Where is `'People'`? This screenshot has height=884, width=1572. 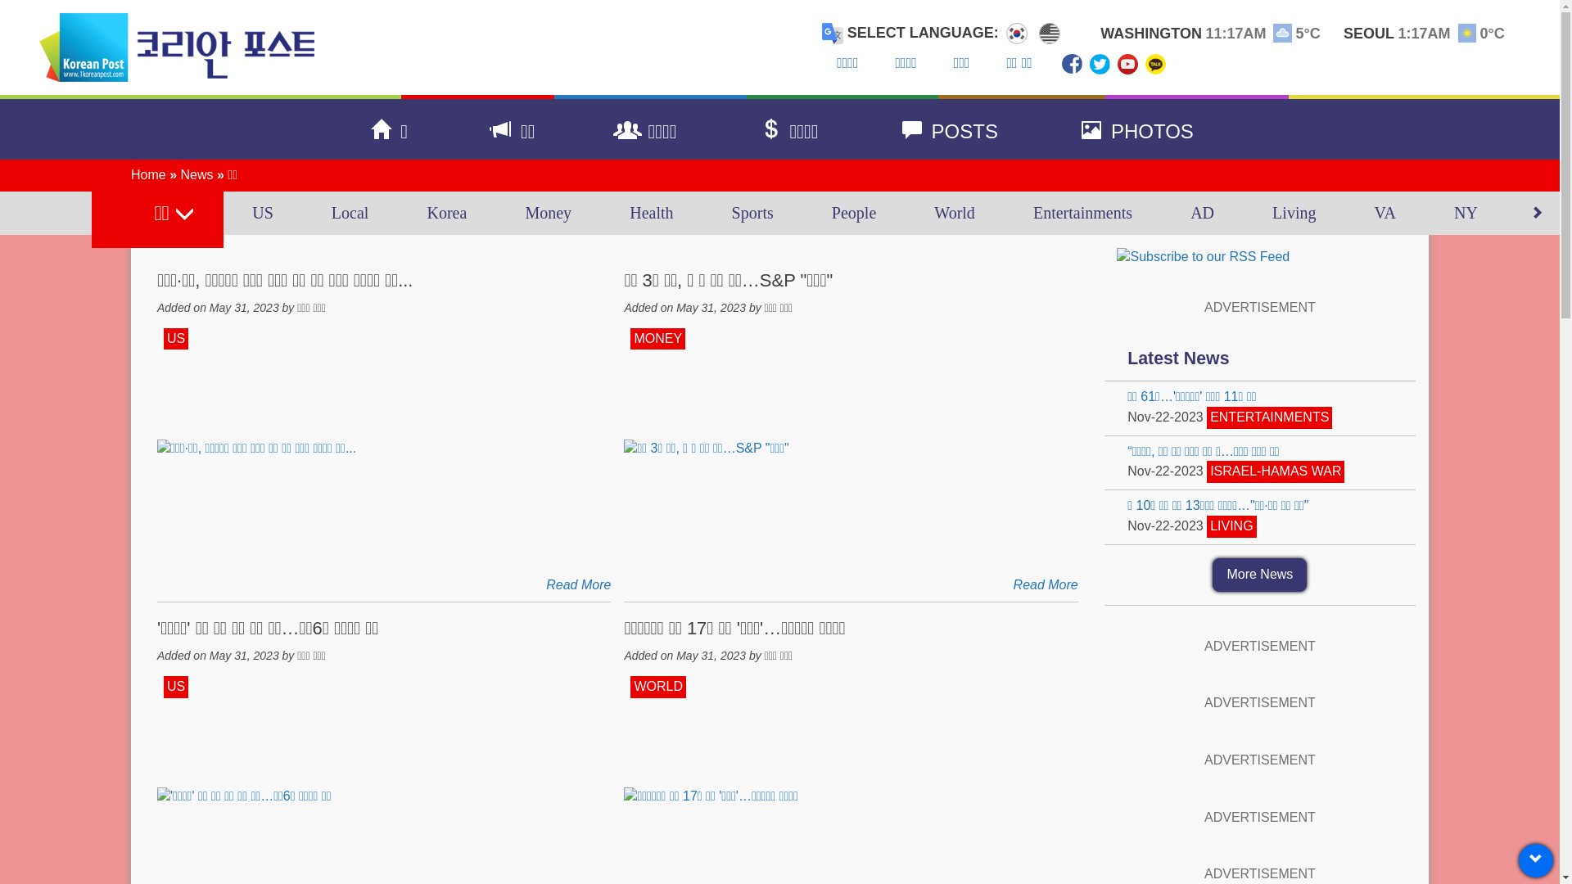
'People' is located at coordinates (852, 213).